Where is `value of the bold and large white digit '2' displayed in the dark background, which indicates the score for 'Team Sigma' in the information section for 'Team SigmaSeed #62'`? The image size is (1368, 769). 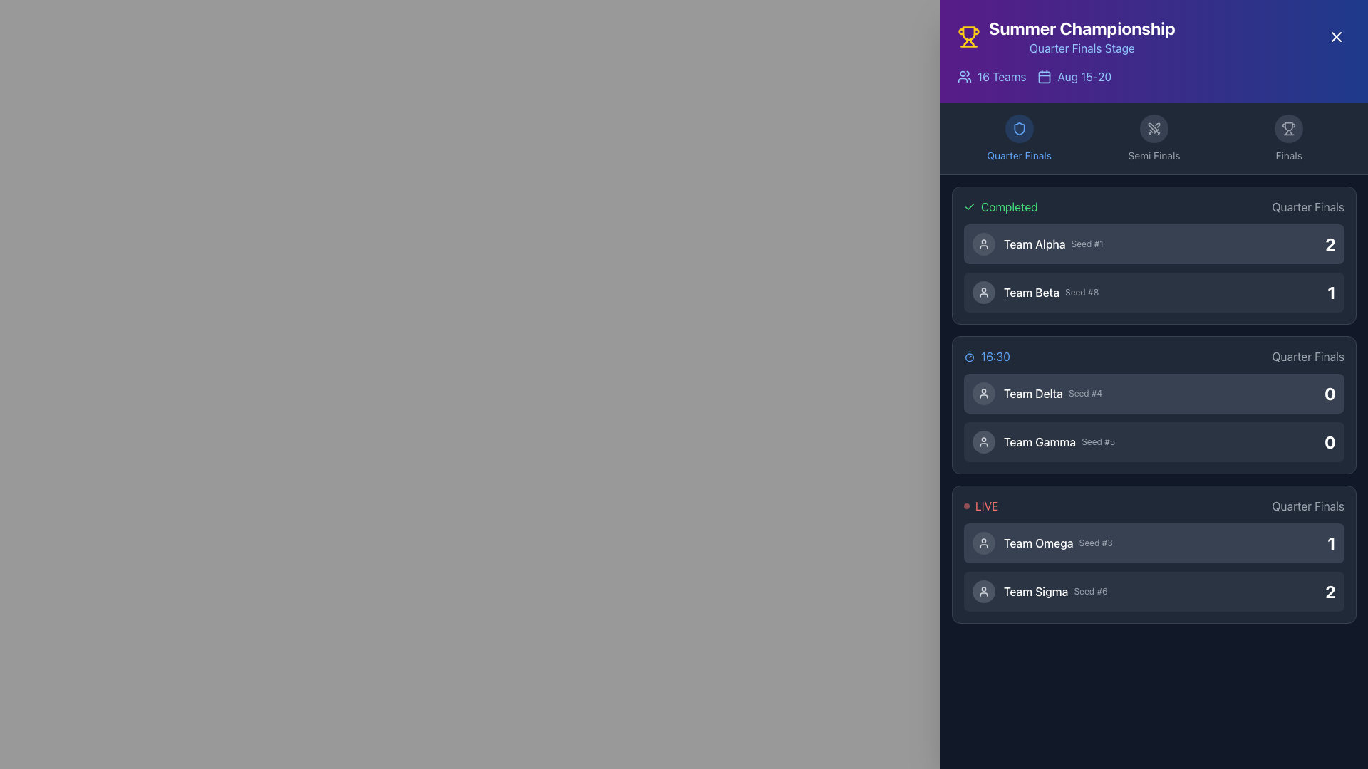 value of the bold and large white digit '2' displayed in the dark background, which indicates the score for 'Team Sigma' in the information section for 'Team SigmaSeed #62' is located at coordinates (1330, 591).